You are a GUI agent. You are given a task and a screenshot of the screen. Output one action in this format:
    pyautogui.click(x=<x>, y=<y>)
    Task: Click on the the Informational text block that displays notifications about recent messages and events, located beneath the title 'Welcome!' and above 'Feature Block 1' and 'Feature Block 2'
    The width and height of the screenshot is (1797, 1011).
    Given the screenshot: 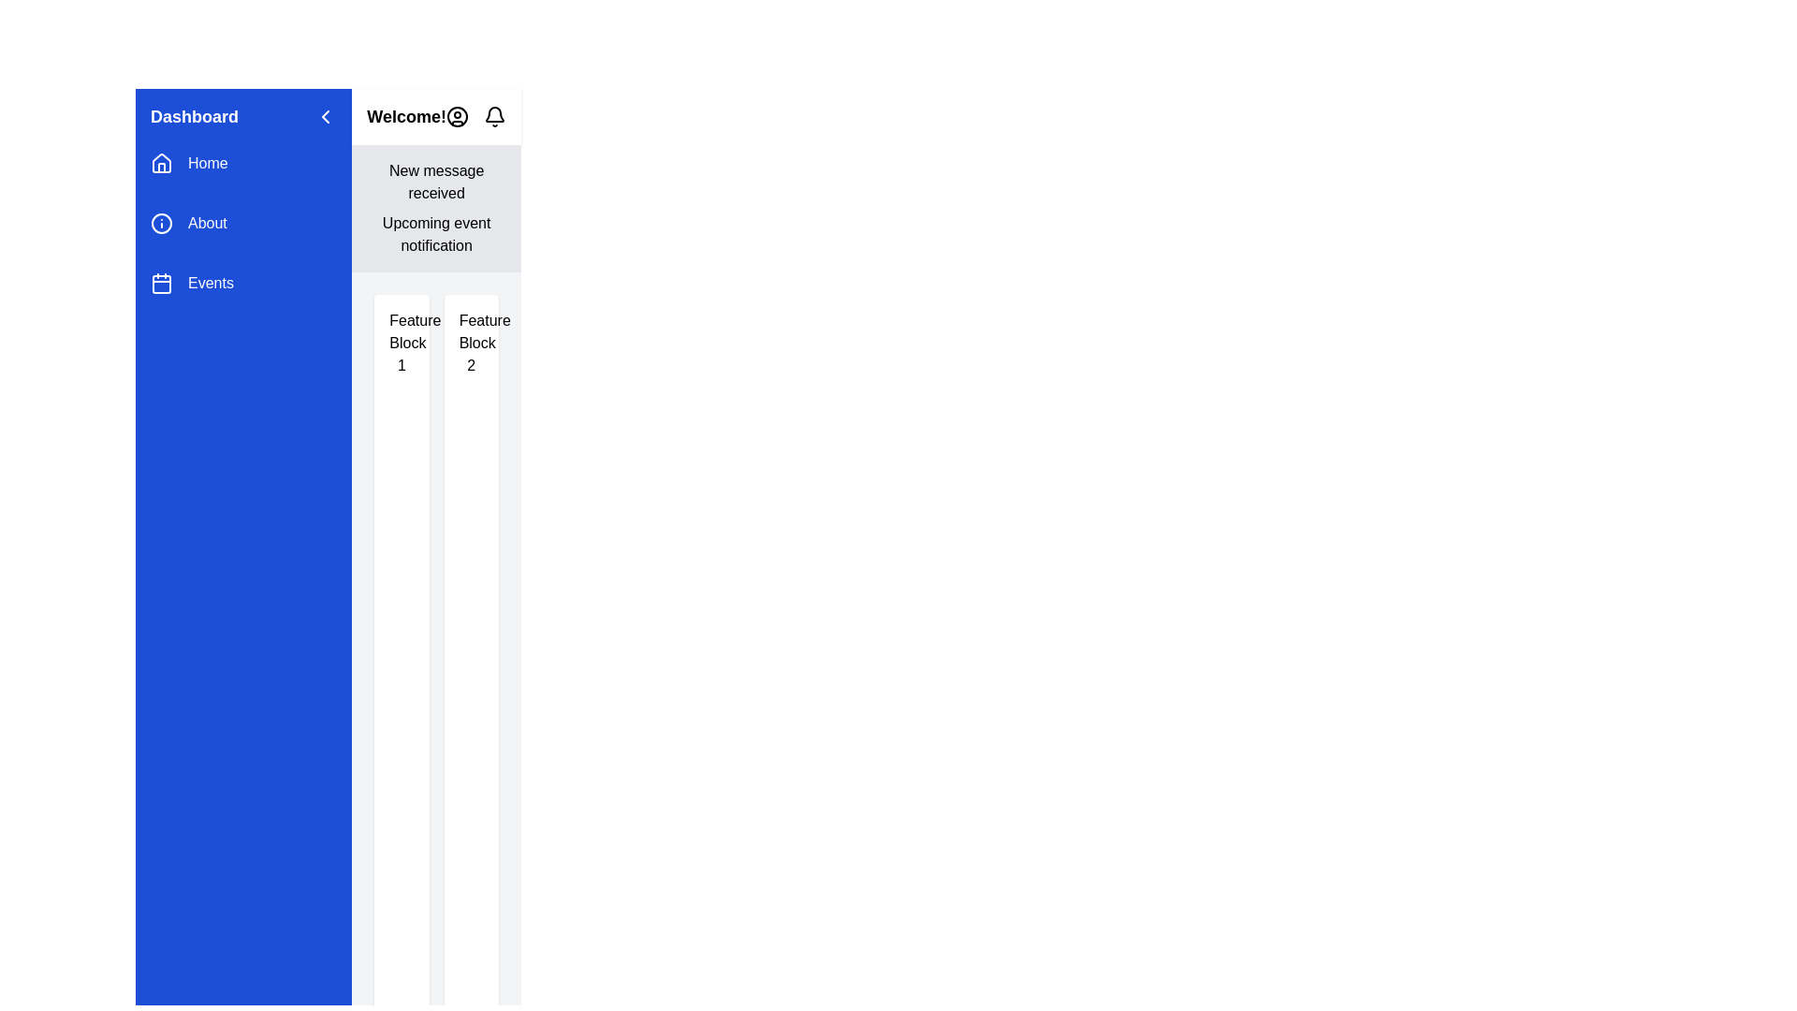 What is the action you would take?
    pyautogui.click(x=435, y=209)
    